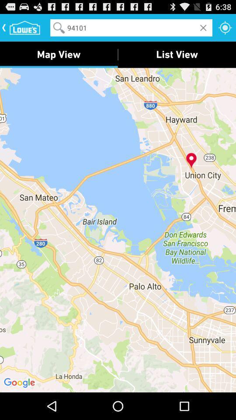 This screenshot has width=236, height=420. Describe the element at coordinates (225, 27) in the screenshot. I see `icon next to the 94101 item` at that location.